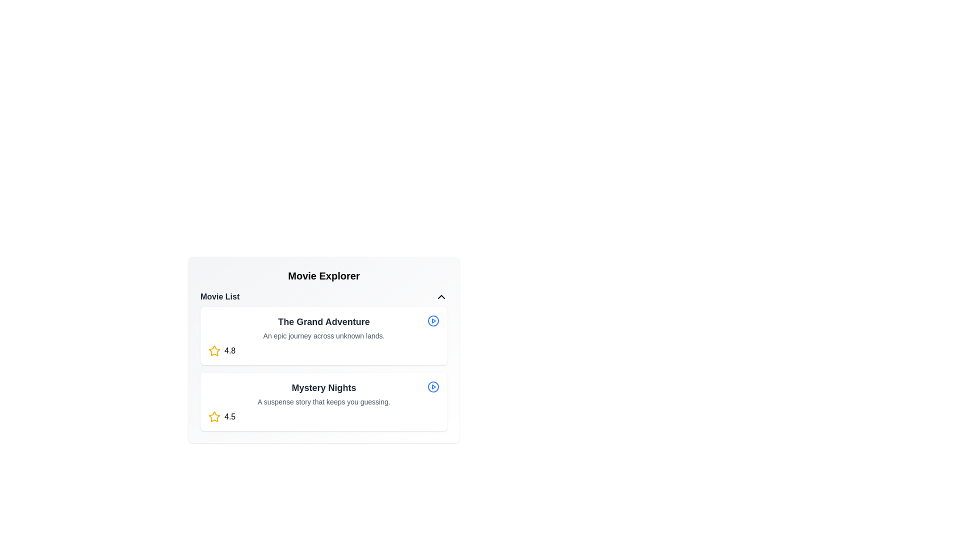 This screenshot has width=960, height=540. What do you see at coordinates (213, 350) in the screenshot?
I see `the star icon to view the movie rating` at bounding box center [213, 350].